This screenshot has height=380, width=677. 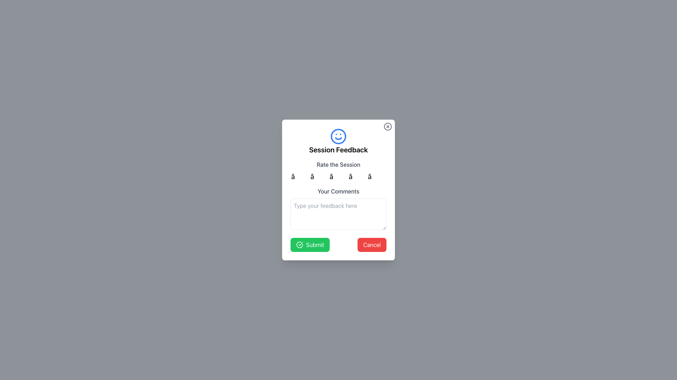 What do you see at coordinates (338, 149) in the screenshot?
I see `the 'Session Feedback' text label, which is a bold, large-sized text centrally positioned in the modal's header section, directly below a blue smiling face icon` at bounding box center [338, 149].